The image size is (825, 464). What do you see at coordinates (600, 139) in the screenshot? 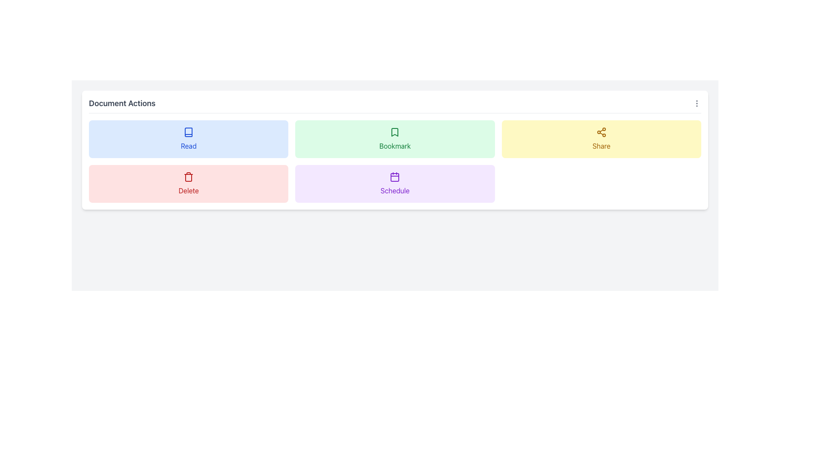
I see `the 'Share' button, which is a rectangular button with rounded corners, featuring a share icon above bold yellow text, located centrally in the top row of buttons` at bounding box center [600, 139].